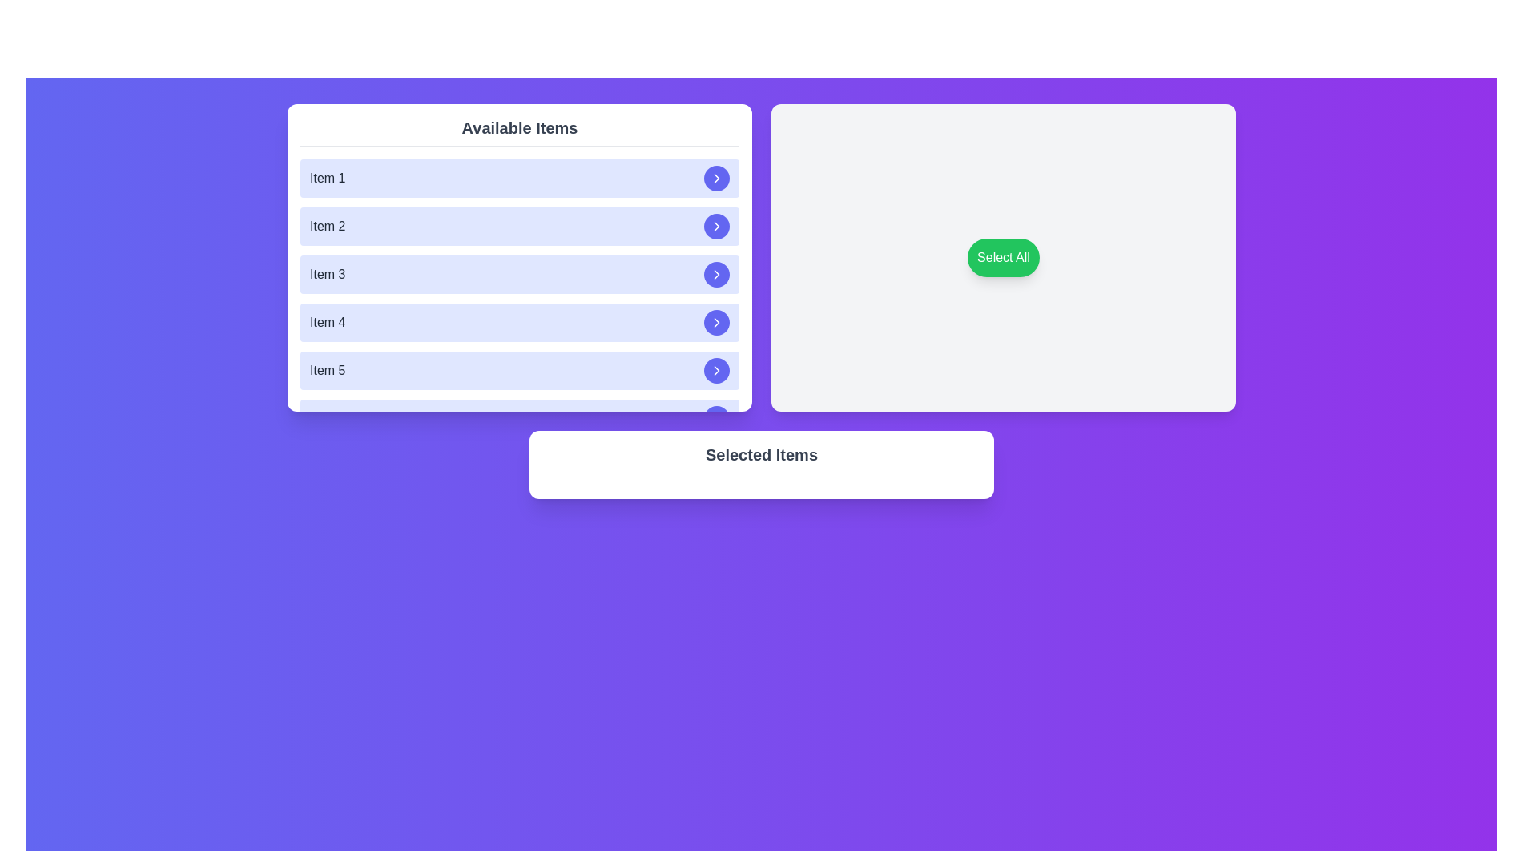 The width and height of the screenshot is (1538, 865). Describe the element at coordinates (715, 322) in the screenshot. I see `the chevron icon in the rightmost section of the fourth row of the 'Available Items' list` at that location.